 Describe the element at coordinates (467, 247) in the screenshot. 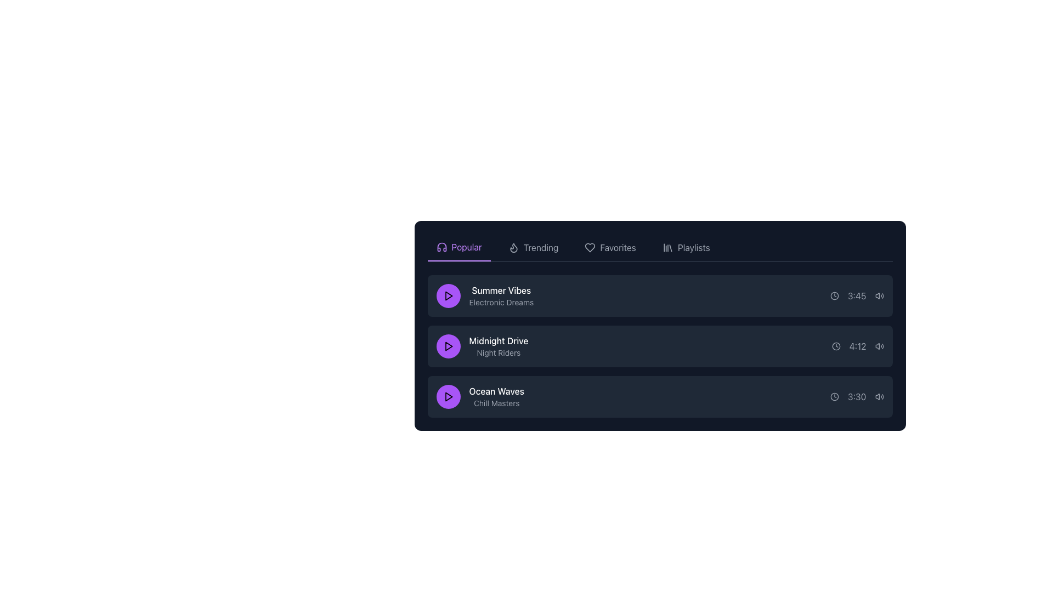

I see `the 'Popular' text label in the navigation menu` at that location.